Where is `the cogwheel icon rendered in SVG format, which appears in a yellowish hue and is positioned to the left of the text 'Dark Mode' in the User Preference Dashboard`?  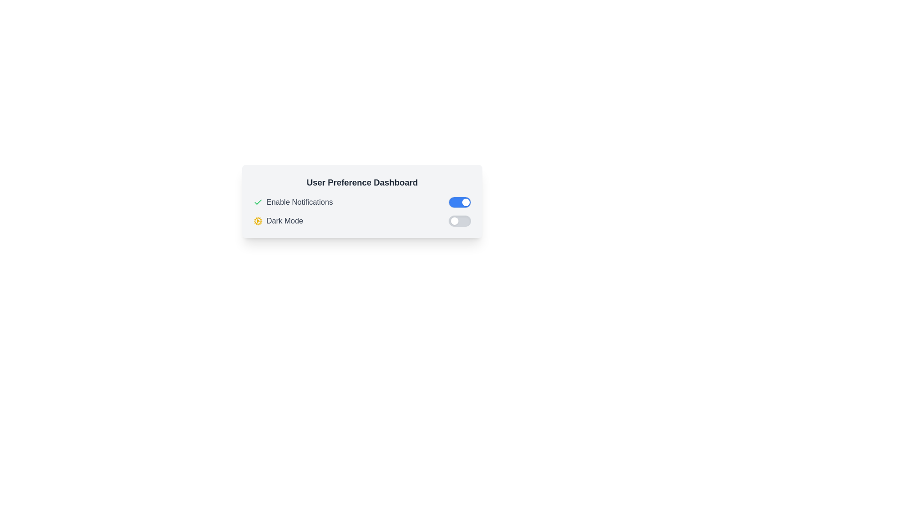
the cogwheel icon rendered in SVG format, which appears in a yellowish hue and is positioned to the left of the text 'Dark Mode' in the User Preference Dashboard is located at coordinates (258, 221).